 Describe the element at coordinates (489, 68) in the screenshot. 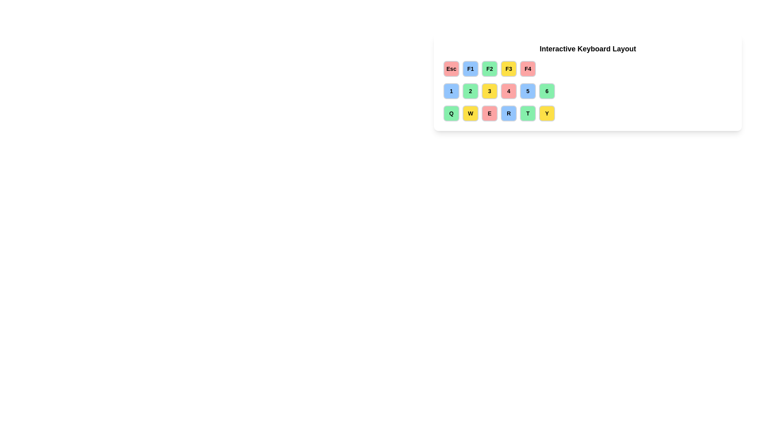

I see `the square button with a green background, gray border, and bold black text 'F2' located between the 'F1' and 'F3' buttons` at that location.